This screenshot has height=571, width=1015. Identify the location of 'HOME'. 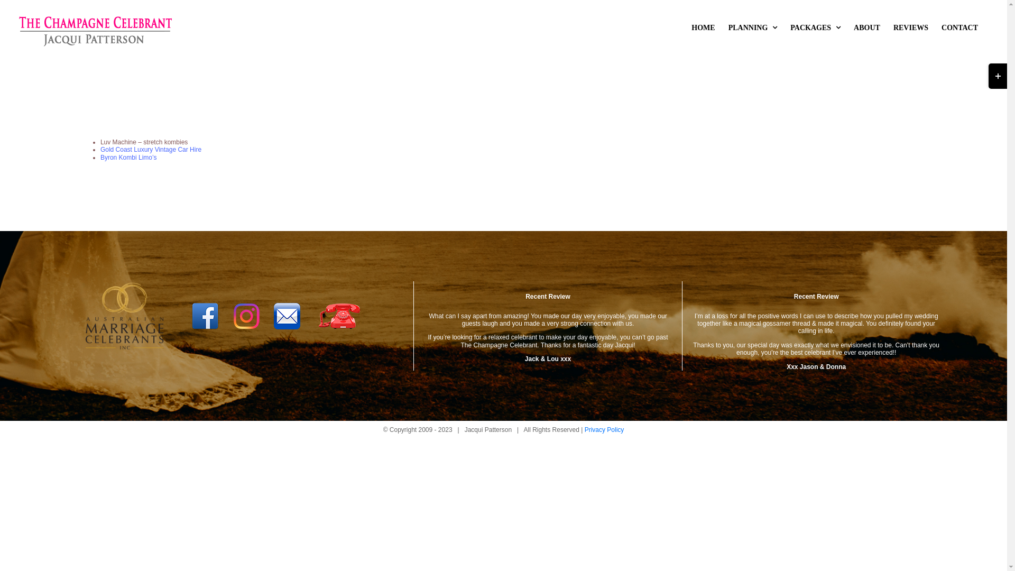
(703, 27).